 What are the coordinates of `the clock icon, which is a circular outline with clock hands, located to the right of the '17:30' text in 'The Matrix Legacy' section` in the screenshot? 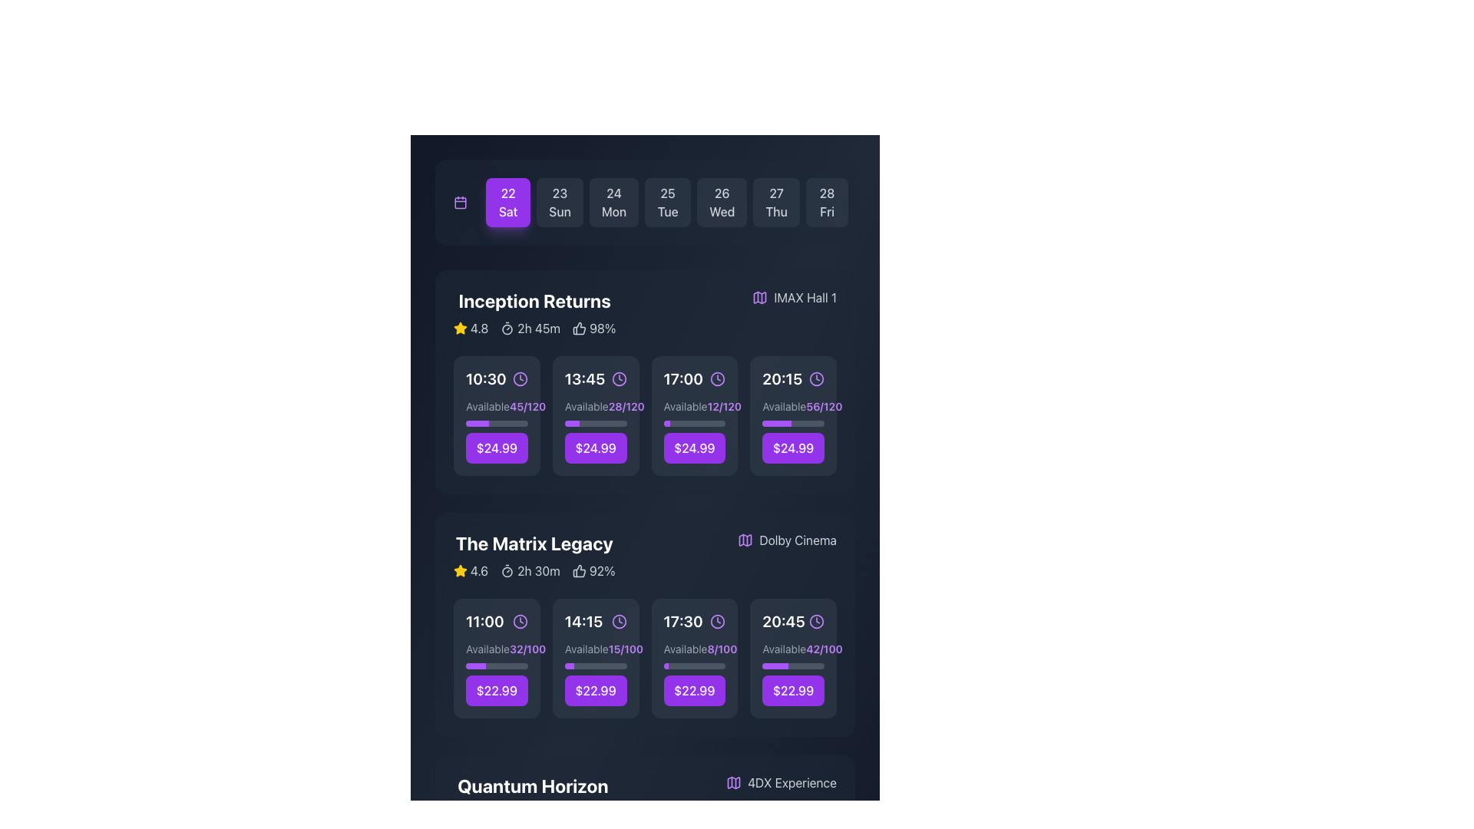 It's located at (717, 622).